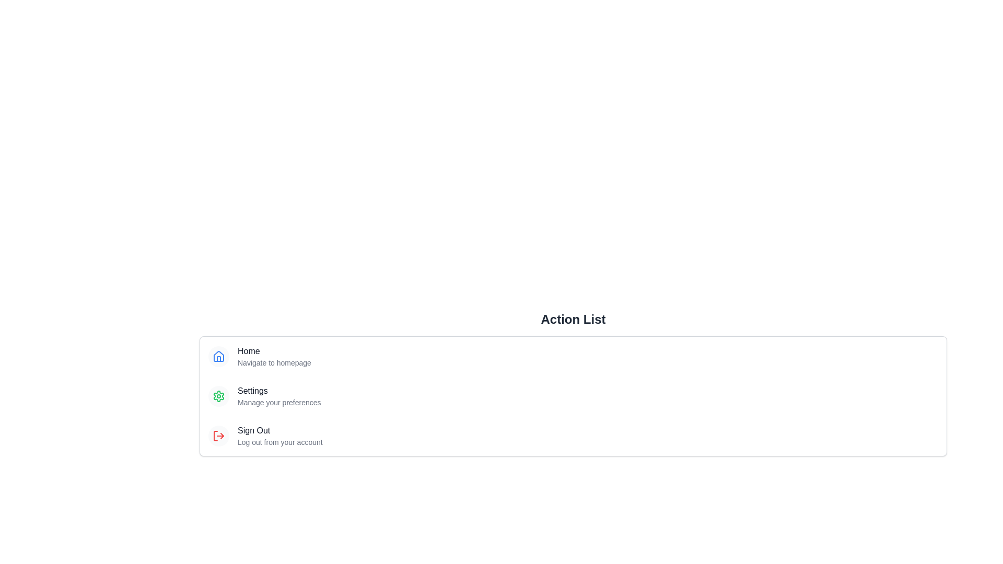 This screenshot has width=1003, height=564. What do you see at coordinates (279, 396) in the screenshot?
I see `the menu item for managing user preferences, located in the vertical list between 'Home' and 'Sign Out'` at bounding box center [279, 396].